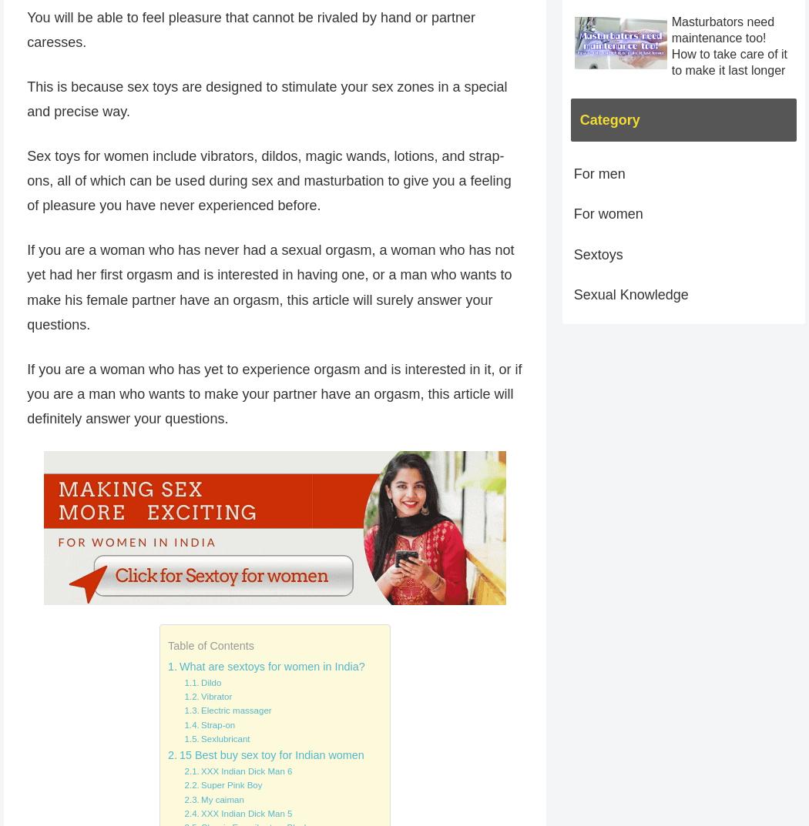 This screenshot has height=826, width=809. What do you see at coordinates (26, 98) in the screenshot?
I see `'This is because sex toys are designed to stimulate your sex zones in a special and precise way.'` at bounding box center [26, 98].